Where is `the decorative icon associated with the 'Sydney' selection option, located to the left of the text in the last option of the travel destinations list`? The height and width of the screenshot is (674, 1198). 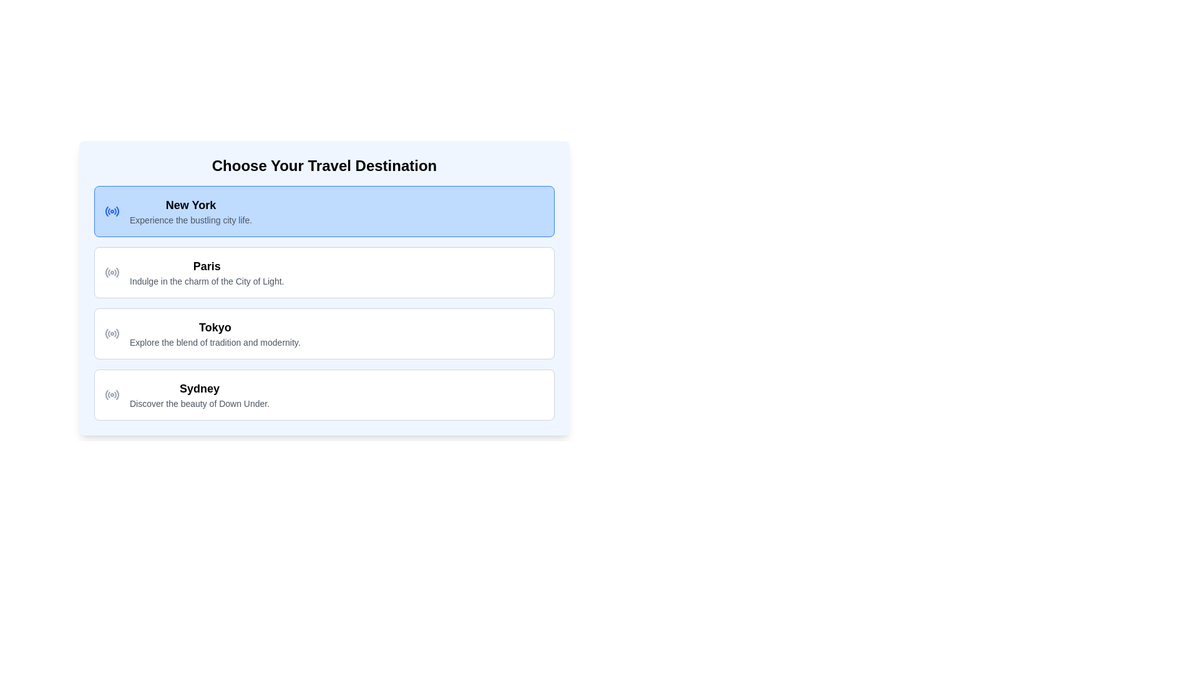
the decorative icon associated with the 'Sydney' selection option, located to the left of the text in the last option of the travel destinations list is located at coordinates (112, 394).